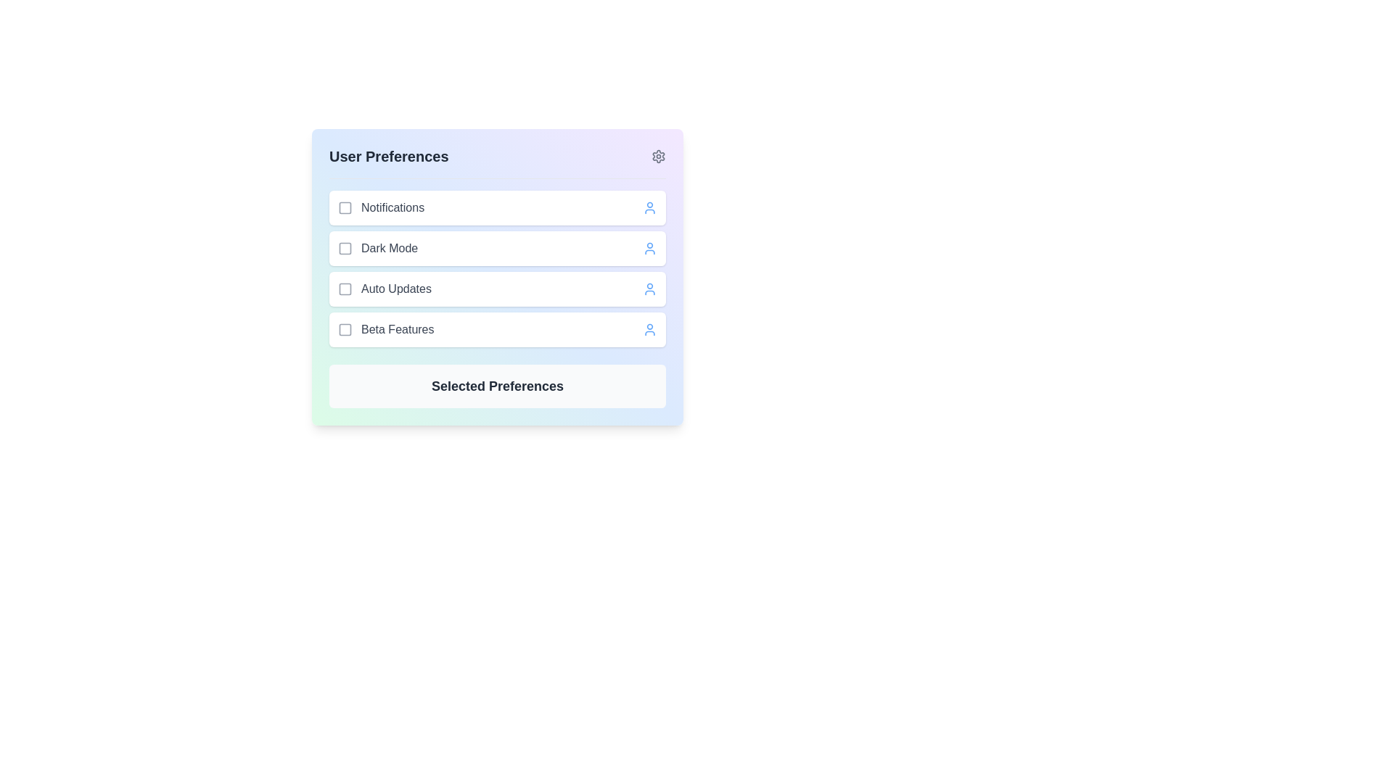 The image size is (1393, 783). What do you see at coordinates (344, 248) in the screenshot?
I see `the second checkbox in the vertical list for enabling or disabling the 'Dark Mode' feature` at bounding box center [344, 248].